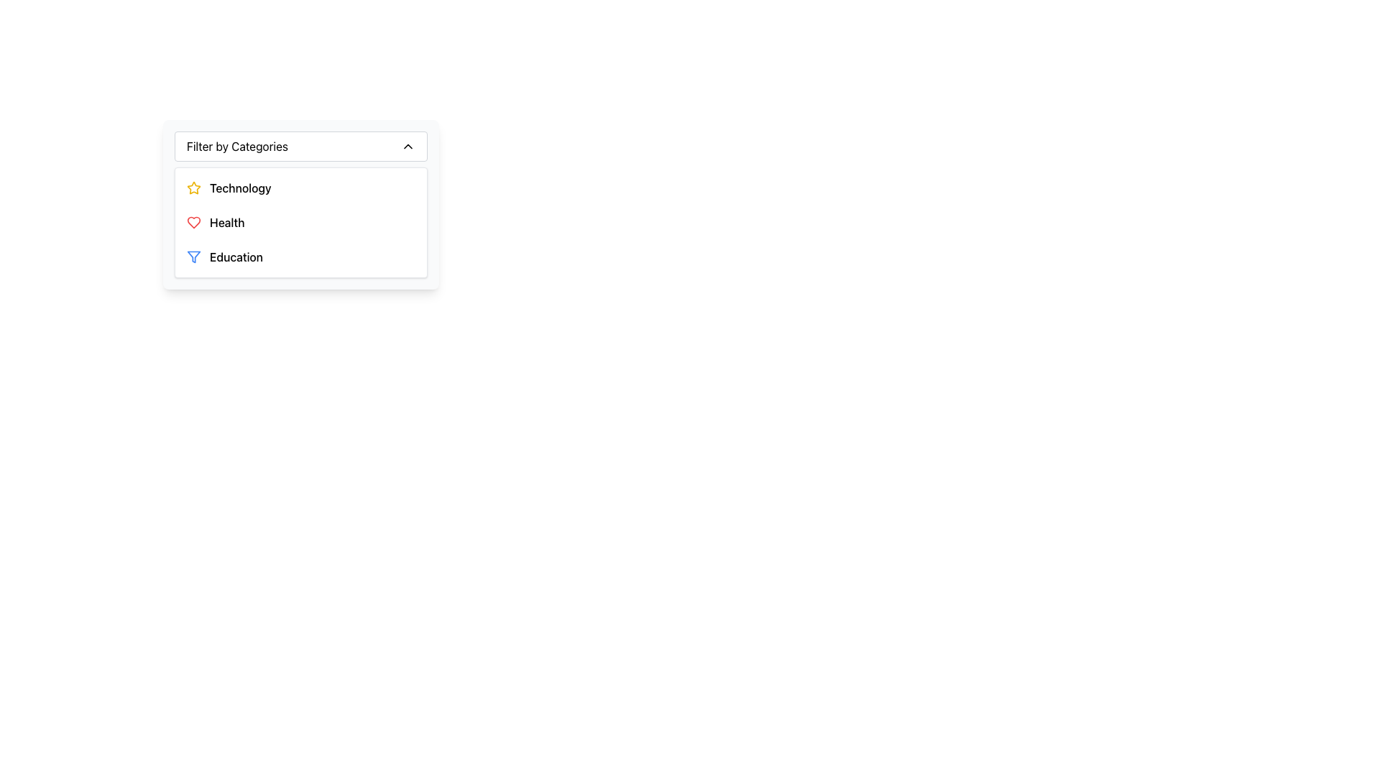 This screenshot has width=1380, height=776. I want to click on the filtering icon that represents 'Education' in the 'Filter by Categories' dropdown list, so click(193, 257).